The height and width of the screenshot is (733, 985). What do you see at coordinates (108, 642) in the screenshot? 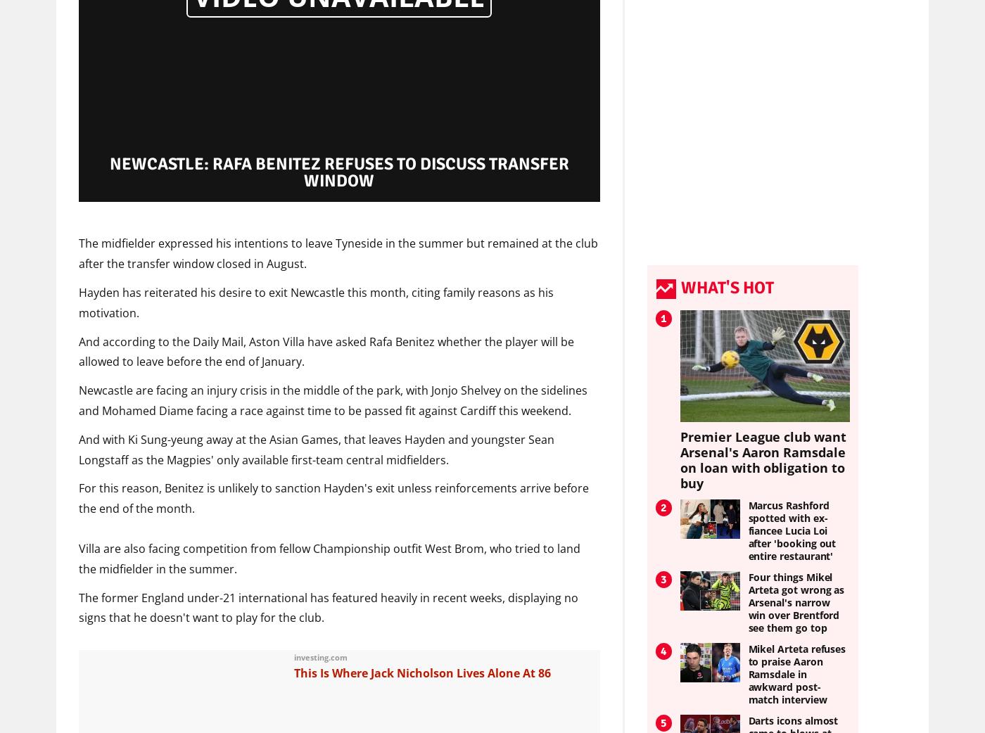
I see `'Sponsored'` at bounding box center [108, 642].